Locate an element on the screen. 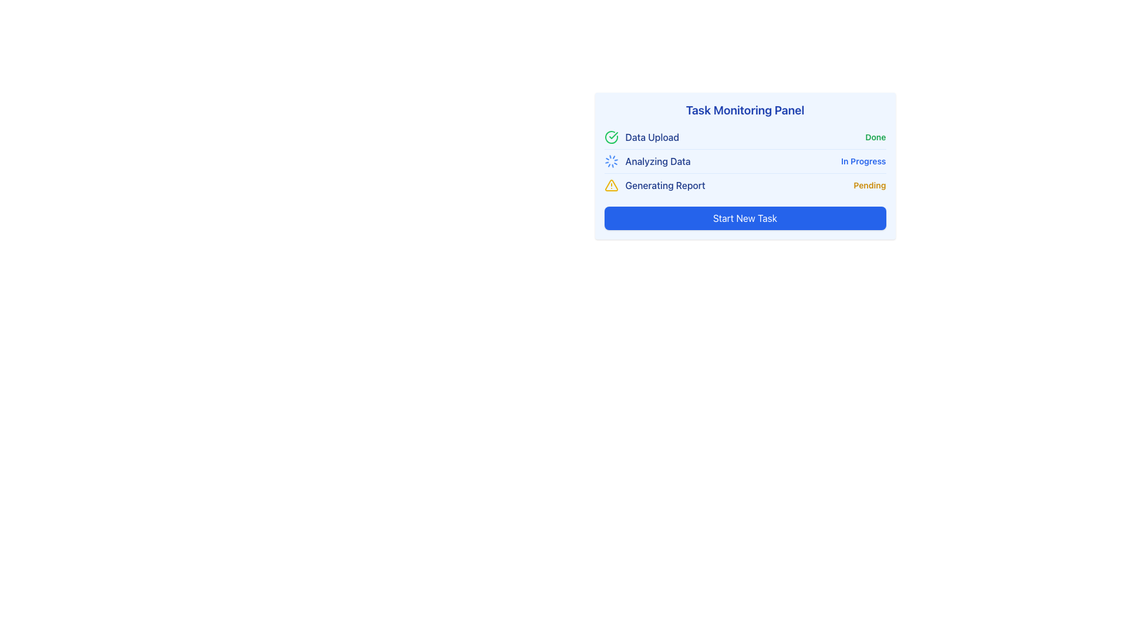  the animated loader icon styled in blue, which indicates the 'Analyzing Data' status in the task monitoring panel, located to the left of the status text is located at coordinates (610, 161).